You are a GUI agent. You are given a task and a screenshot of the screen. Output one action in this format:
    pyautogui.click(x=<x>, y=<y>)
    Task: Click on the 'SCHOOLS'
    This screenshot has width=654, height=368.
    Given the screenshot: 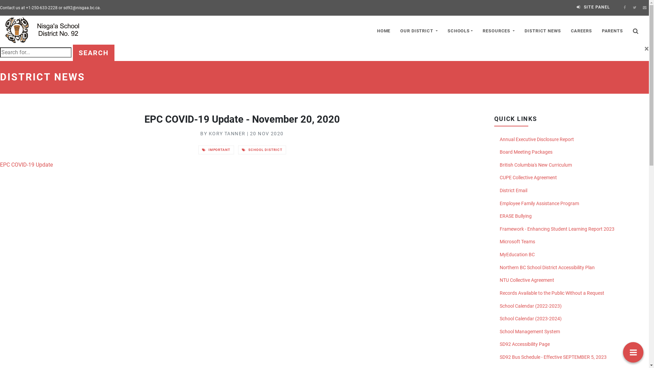 What is the action you would take?
    pyautogui.click(x=460, y=30)
    